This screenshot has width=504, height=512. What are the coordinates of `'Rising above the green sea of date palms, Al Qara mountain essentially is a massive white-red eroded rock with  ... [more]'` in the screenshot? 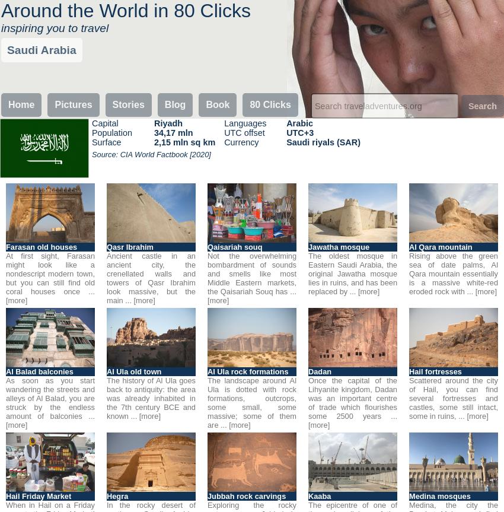 It's located at (454, 273).